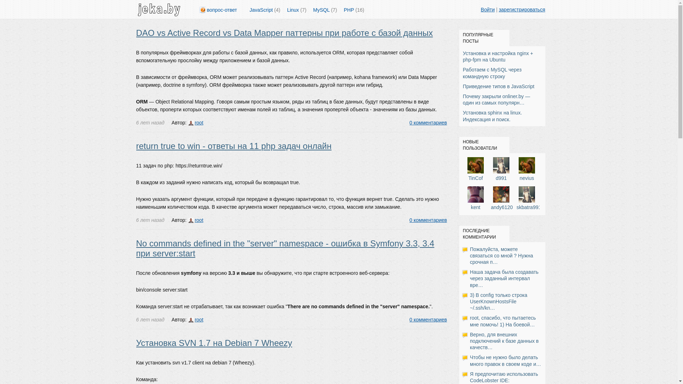 Image resolution: width=683 pixels, height=384 pixels. Describe the element at coordinates (502, 204) in the screenshot. I see `'andy6120'` at that location.